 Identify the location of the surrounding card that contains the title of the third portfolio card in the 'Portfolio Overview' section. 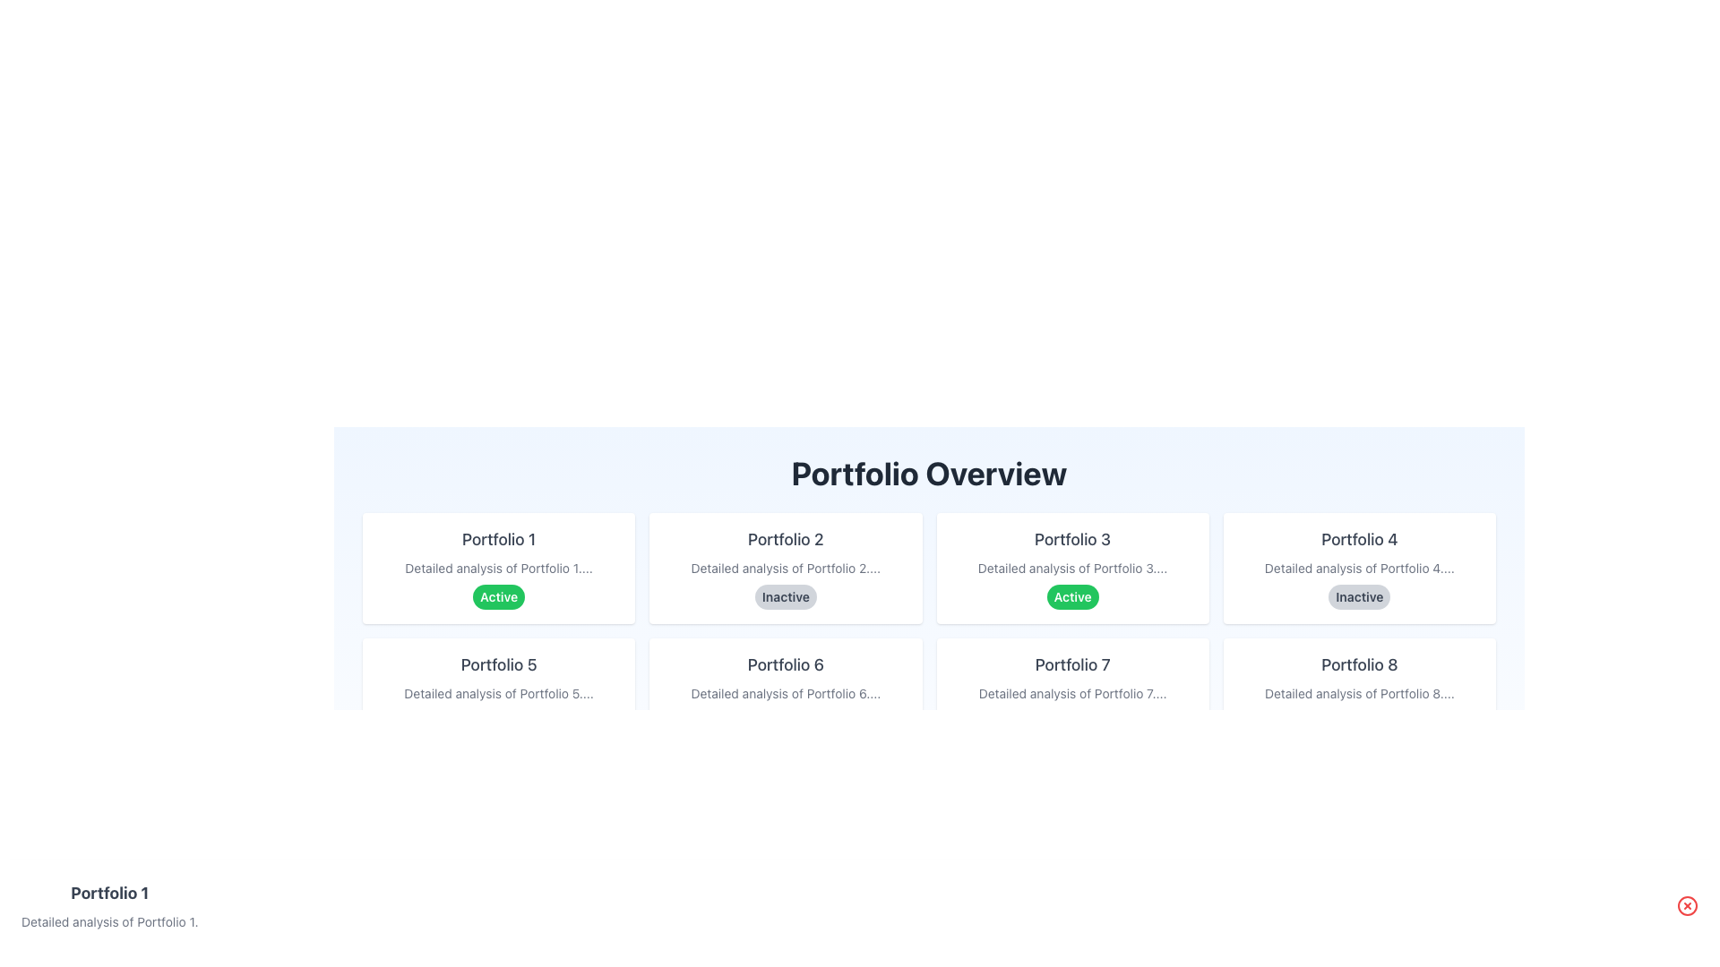
(1072, 538).